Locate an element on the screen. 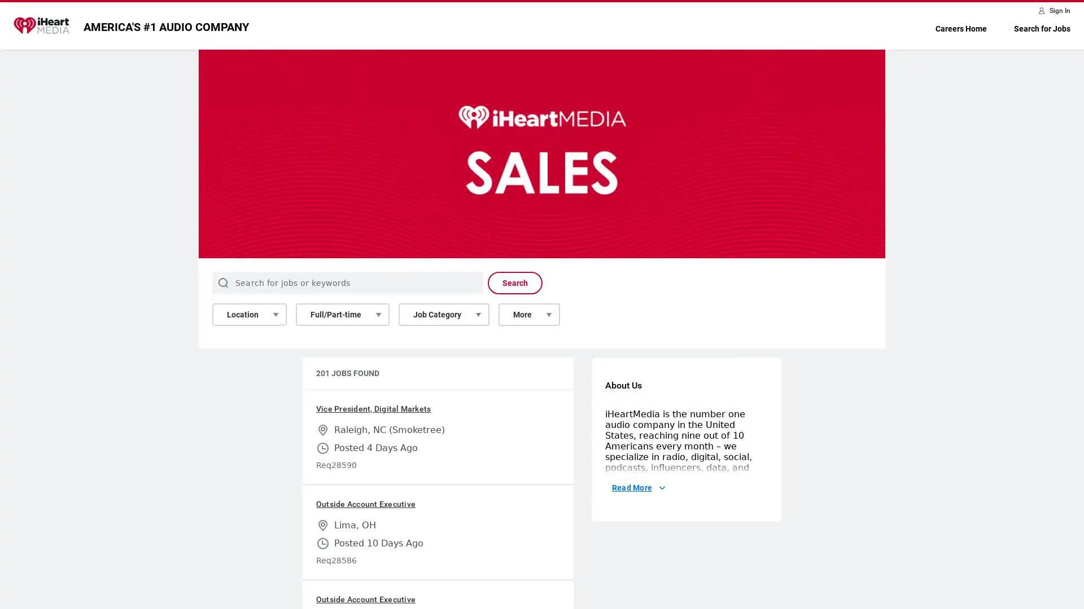 This screenshot has width=1084, height=609. Read More About Us is located at coordinates (637, 572).